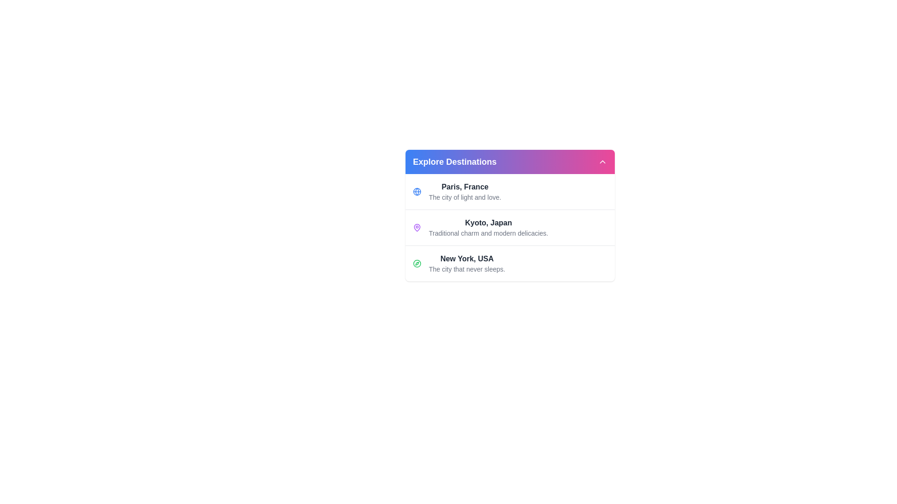 The image size is (897, 504). I want to click on the clickable list item for the destination 'New York, USA', so click(467, 263).